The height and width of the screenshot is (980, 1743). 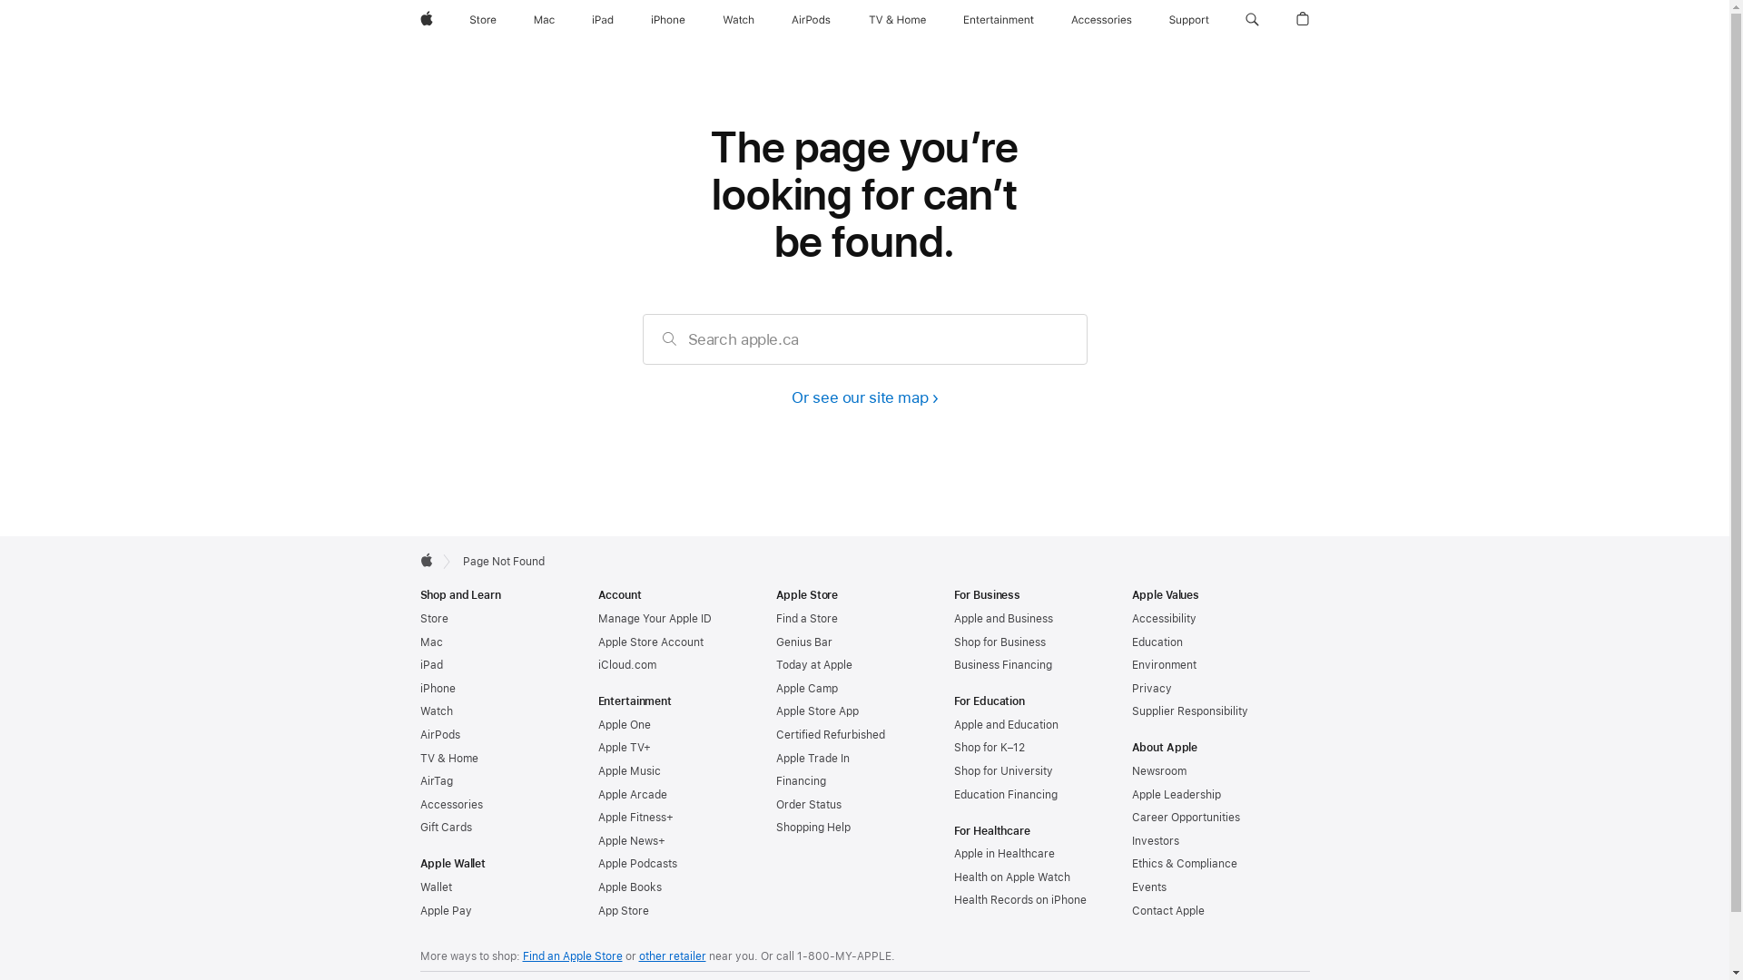 What do you see at coordinates (666, 20) in the screenshot?
I see `'iPhone'` at bounding box center [666, 20].